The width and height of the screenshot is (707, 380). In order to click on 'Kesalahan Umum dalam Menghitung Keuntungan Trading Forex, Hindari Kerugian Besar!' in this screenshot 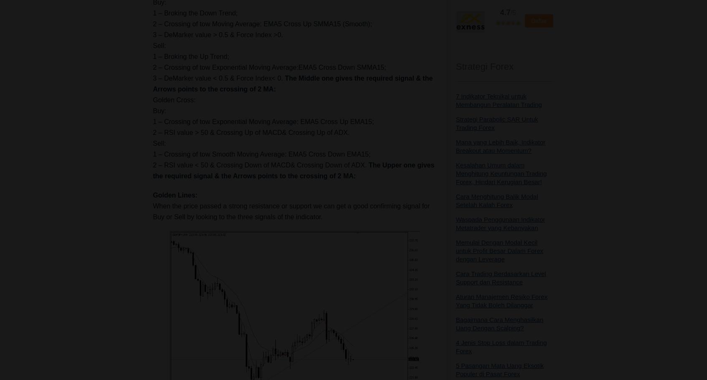, I will do `click(456, 173)`.